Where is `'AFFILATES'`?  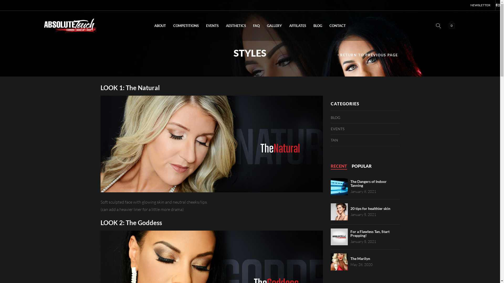
'AFFILATES' is located at coordinates (297, 26).